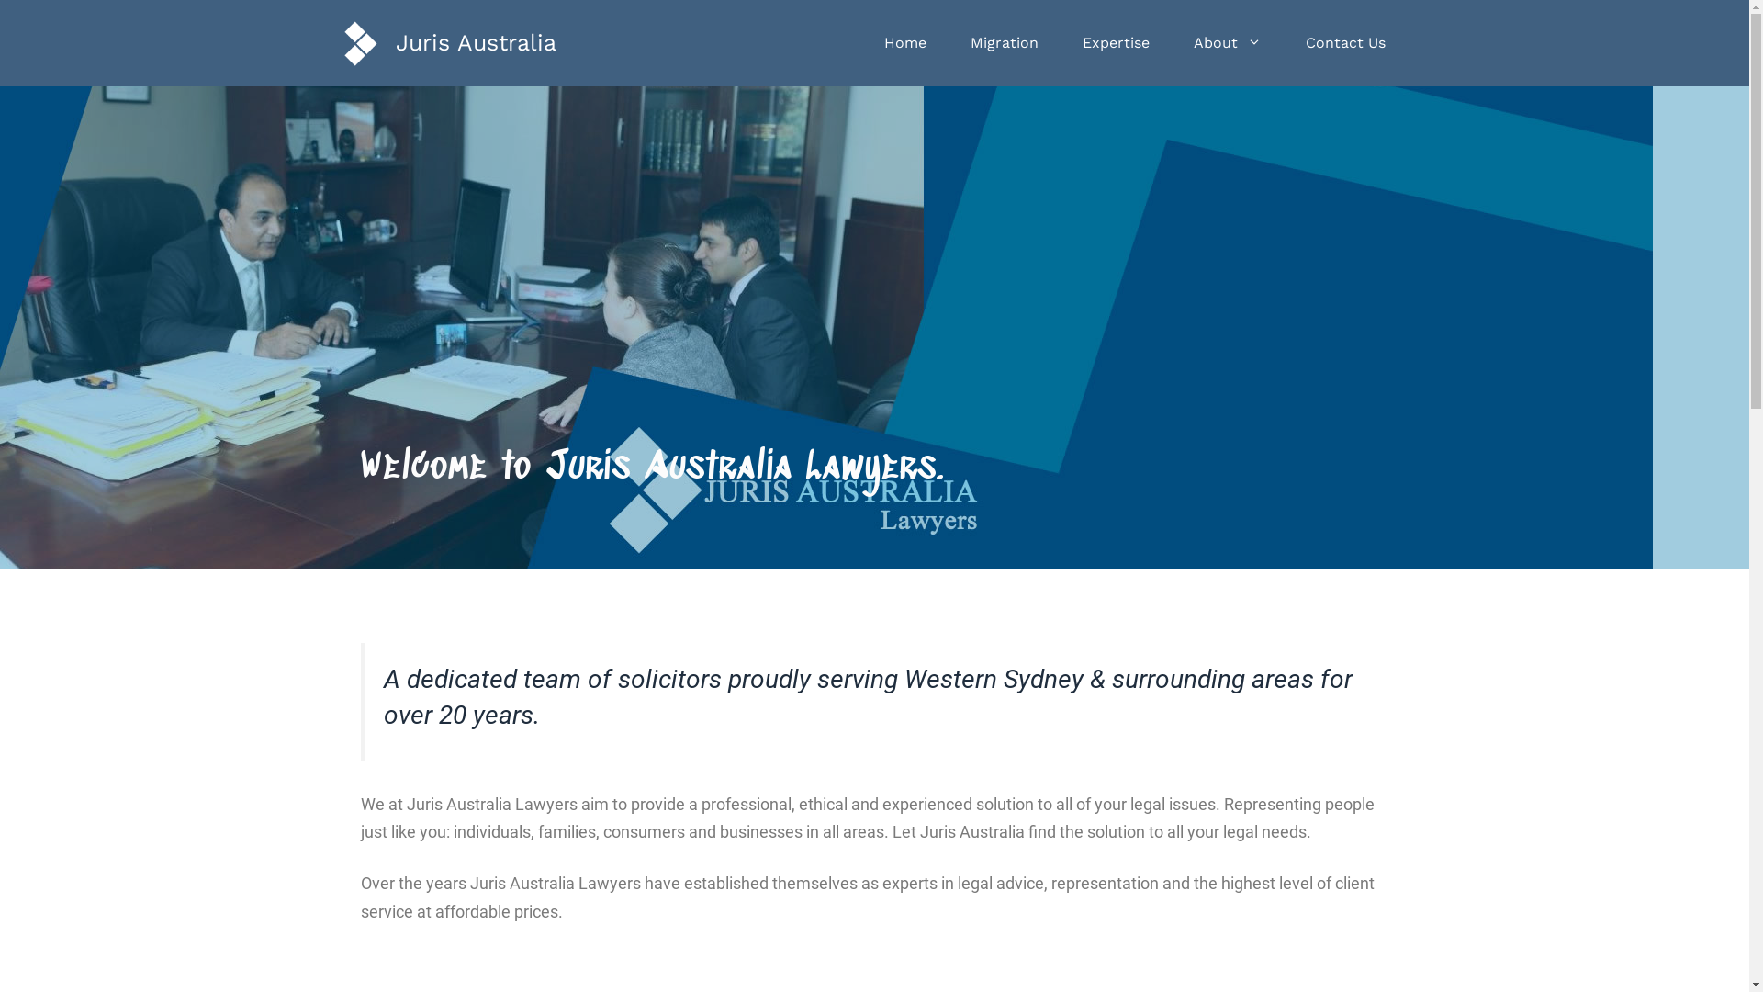 The width and height of the screenshot is (1763, 992). I want to click on 'Contact Us', so click(1345, 41).